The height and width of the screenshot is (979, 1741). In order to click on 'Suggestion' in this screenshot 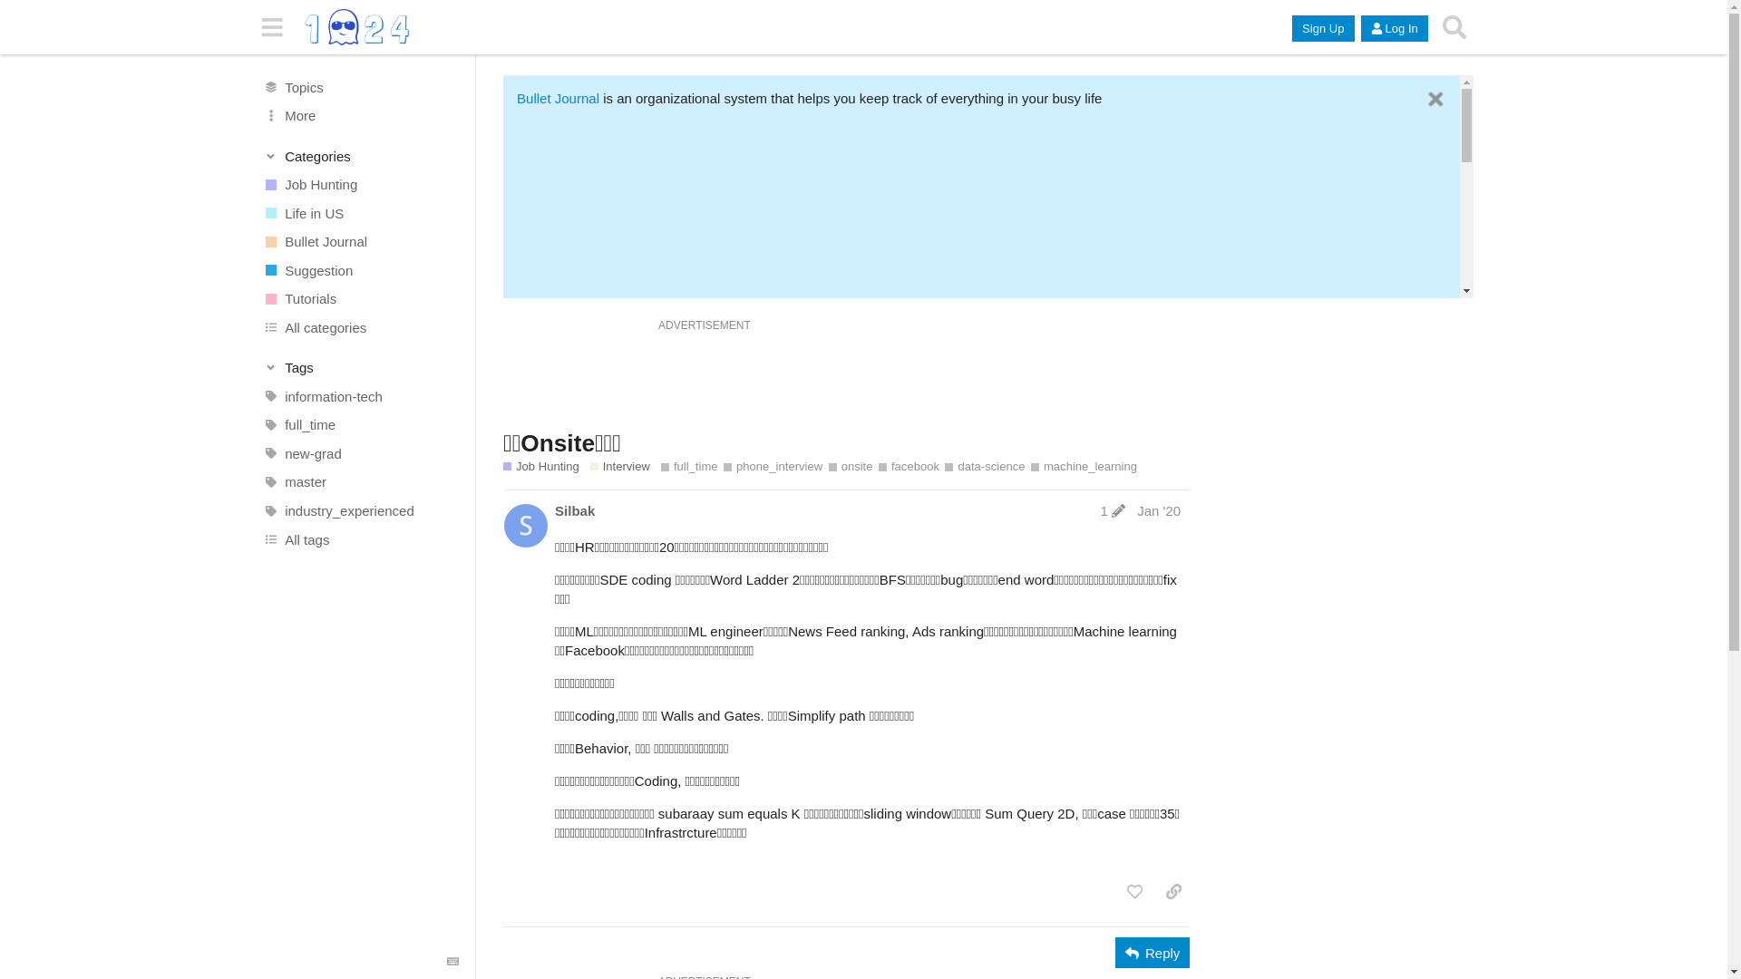, I will do `click(360, 269)`.